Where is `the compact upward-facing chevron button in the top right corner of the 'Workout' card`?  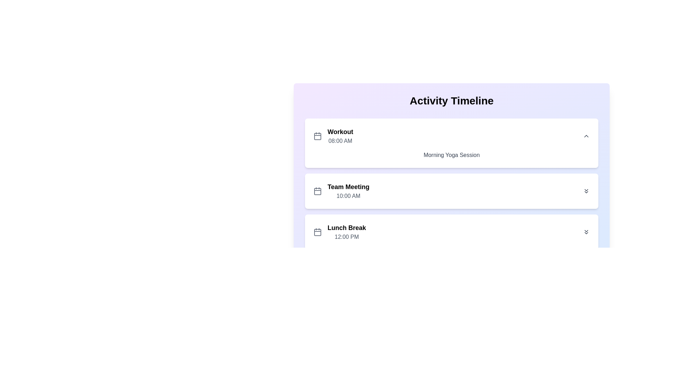
the compact upward-facing chevron button in the top right corner of the 'Workout' card is located at coordinates (586, 136).